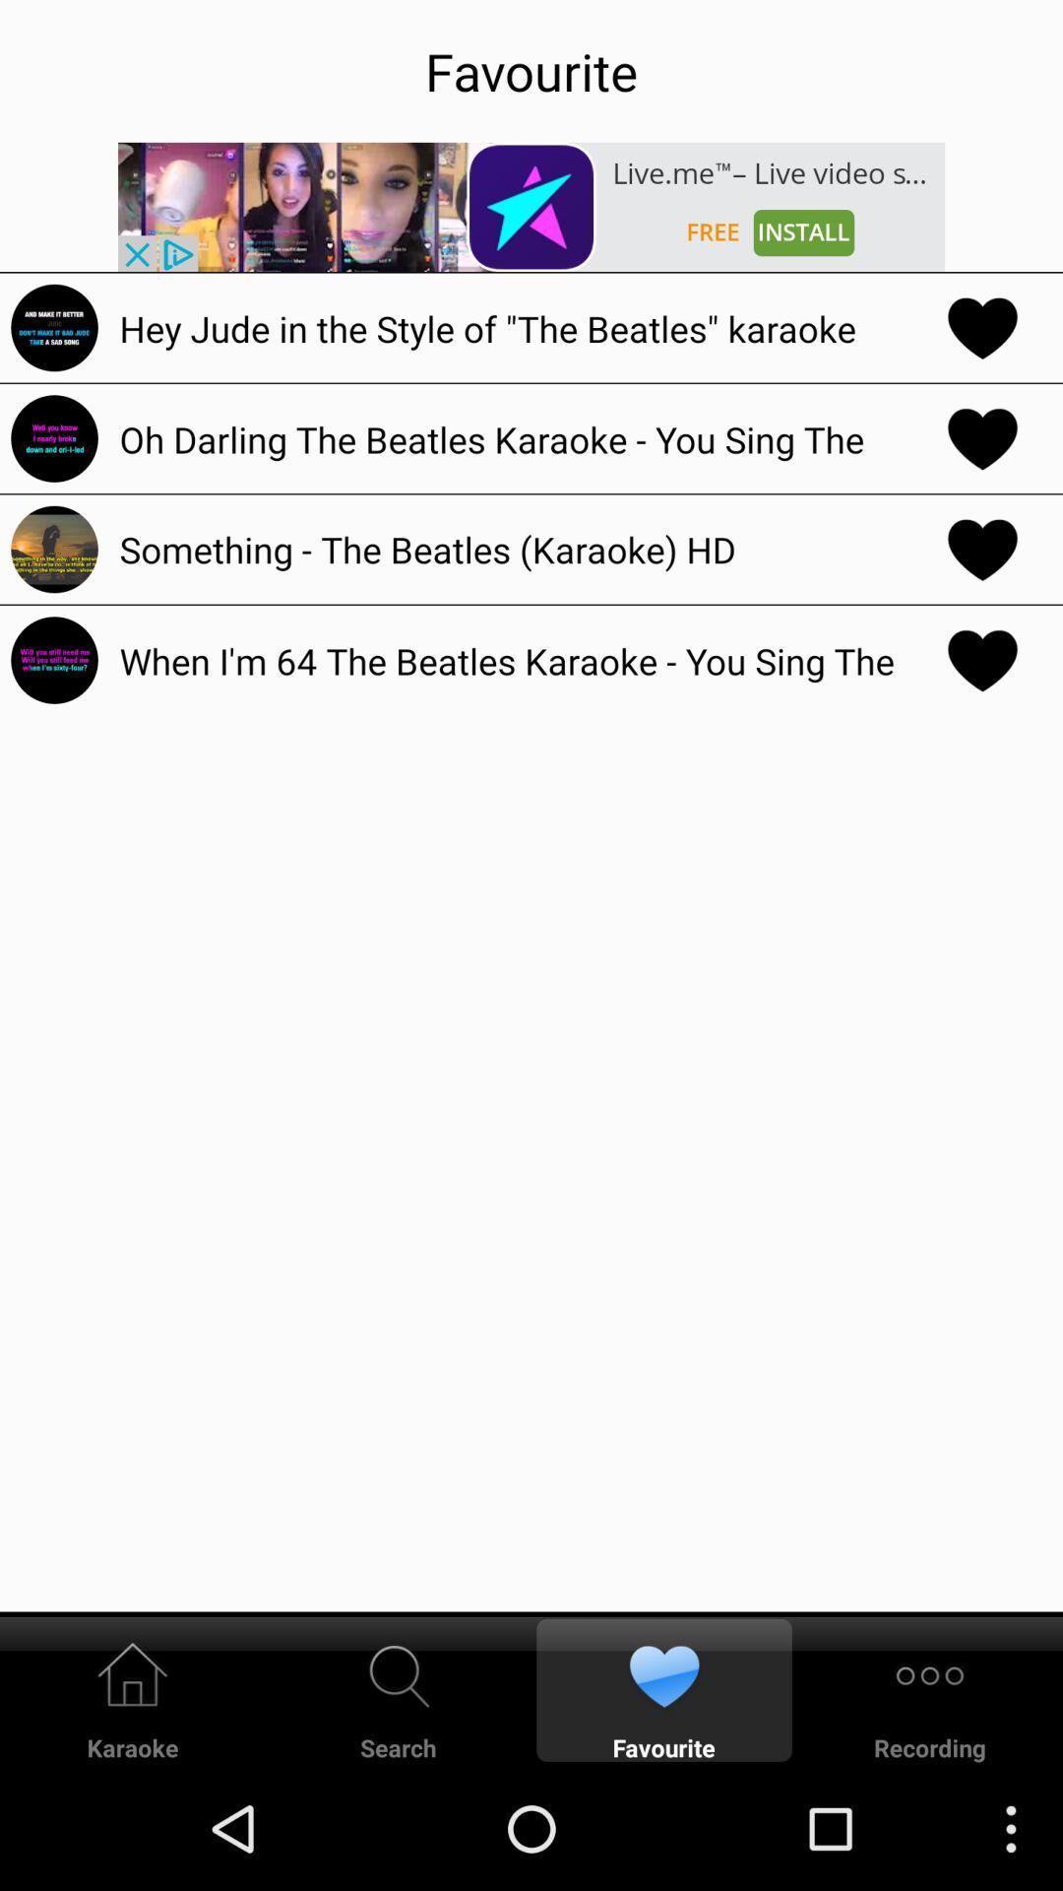 This screenshot has width=1063, height=1891. What do you see at coordinates (982, 437) in the screenshot?
I see `the heart symbol in the second line` at bounding box center [982, 437].